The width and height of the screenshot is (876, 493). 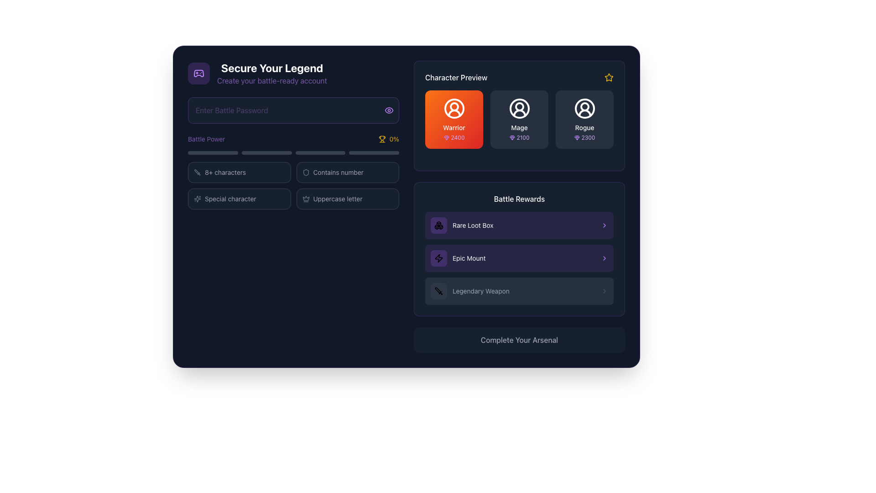 I want to click on the 'Mage' character label in the 'Character Preview' section, which is the second label from the left, positioned above '2100' and a gem icon, so click(x=519, y=128).